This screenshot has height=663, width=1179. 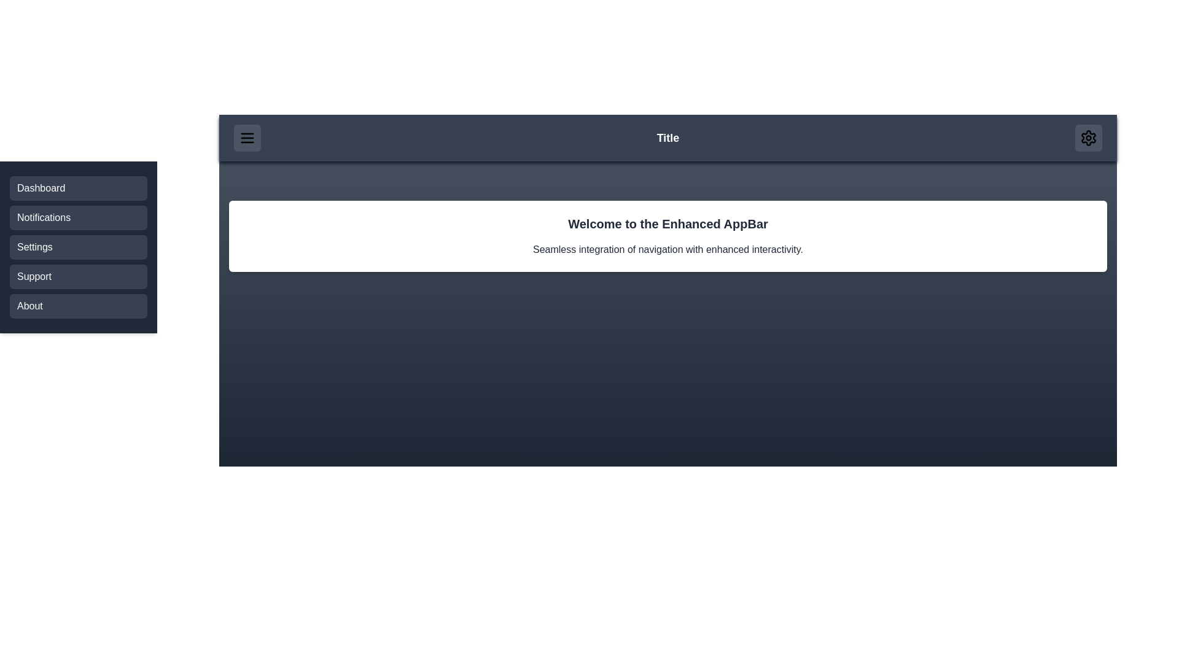 What do you see at coordinates (78, 247) in the screenshot?
I see `the Settings menu item` at bounding box center [78, 247].